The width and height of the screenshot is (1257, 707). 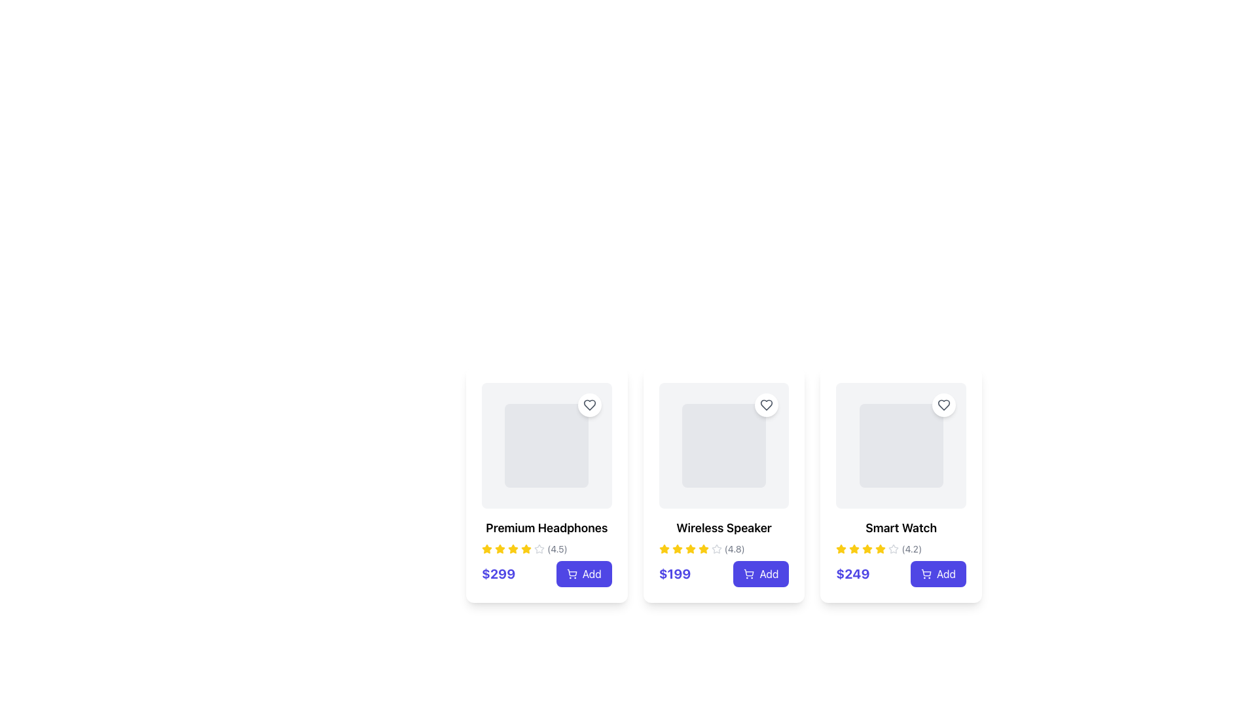 I want to click on the 'Add' button which is a rectangular button with a blue background and contains the text label 'Add' in white font, located at the bottom of the Smart Watch card, so click(x=946, y=573).